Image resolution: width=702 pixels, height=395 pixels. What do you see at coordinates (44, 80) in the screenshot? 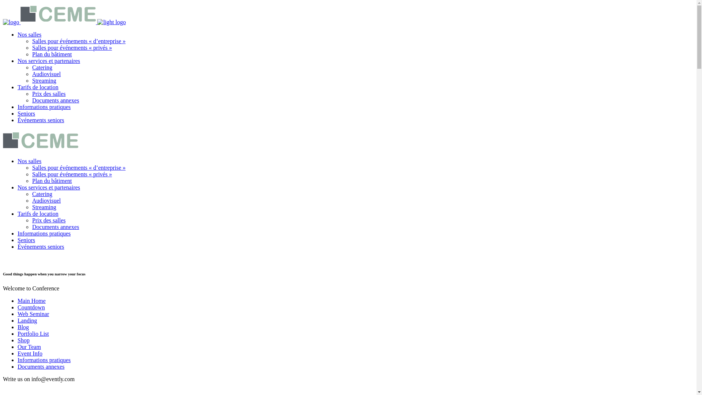
I see `'Streaming'` at bounding box center [44, 80].